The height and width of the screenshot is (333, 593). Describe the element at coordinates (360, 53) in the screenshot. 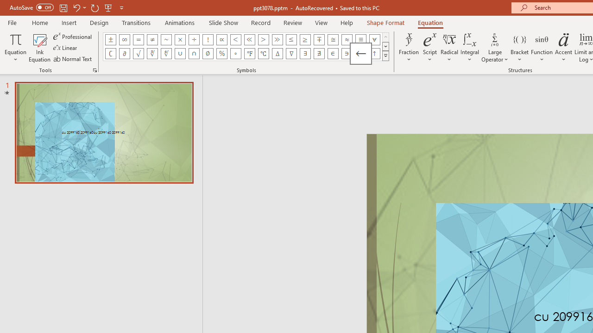

I see `'Equation Symbol Left Arrow'` at that location.